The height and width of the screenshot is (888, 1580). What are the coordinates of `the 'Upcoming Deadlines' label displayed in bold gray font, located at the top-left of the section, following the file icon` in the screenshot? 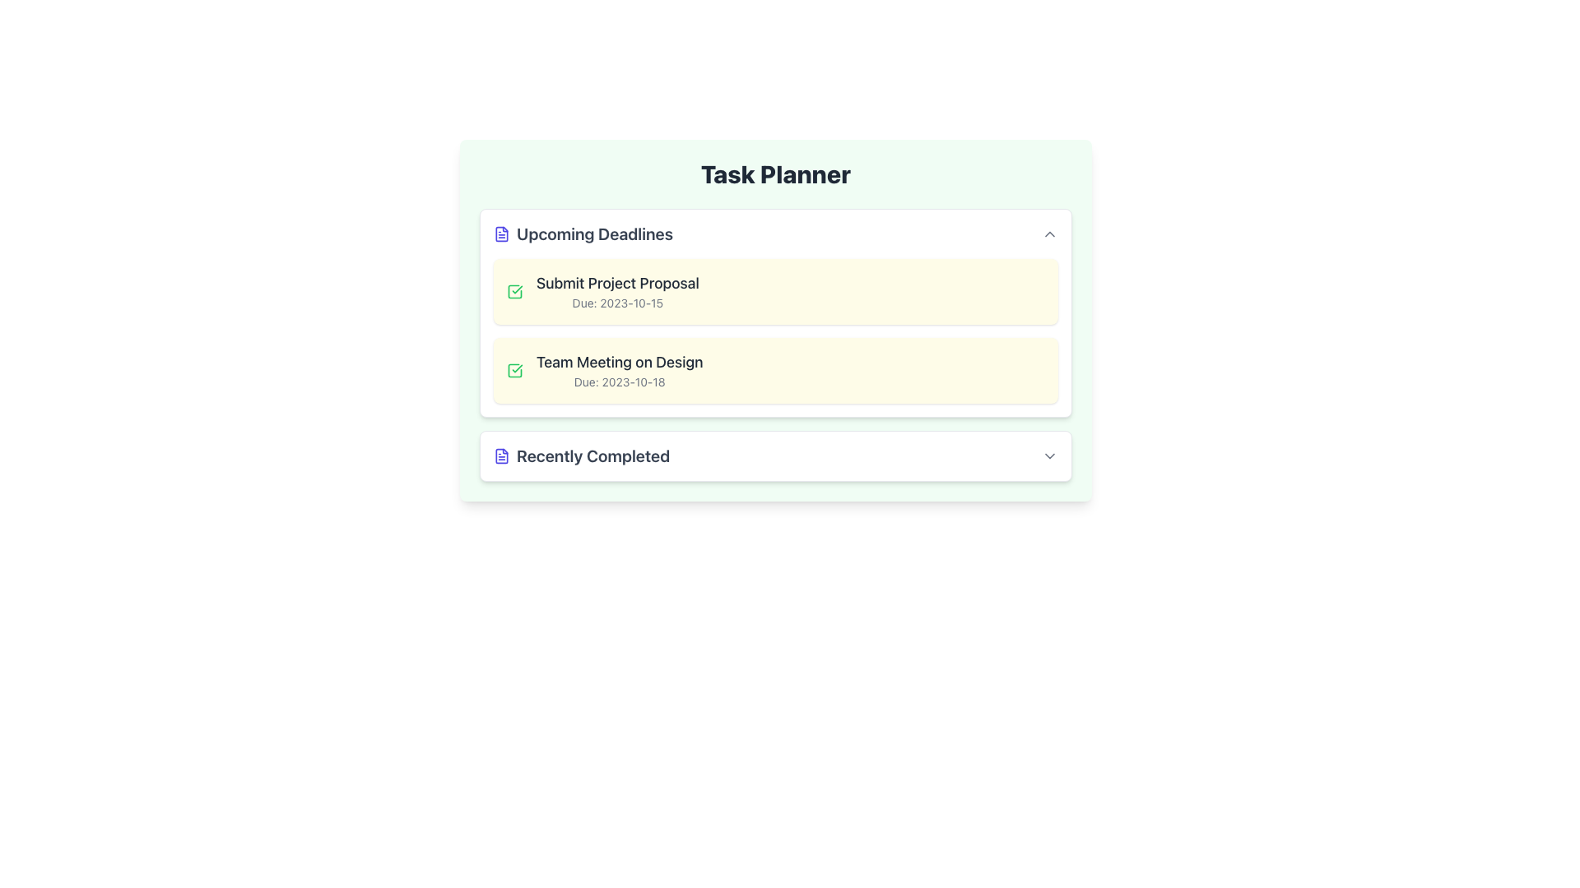 It's located at (594, 234).